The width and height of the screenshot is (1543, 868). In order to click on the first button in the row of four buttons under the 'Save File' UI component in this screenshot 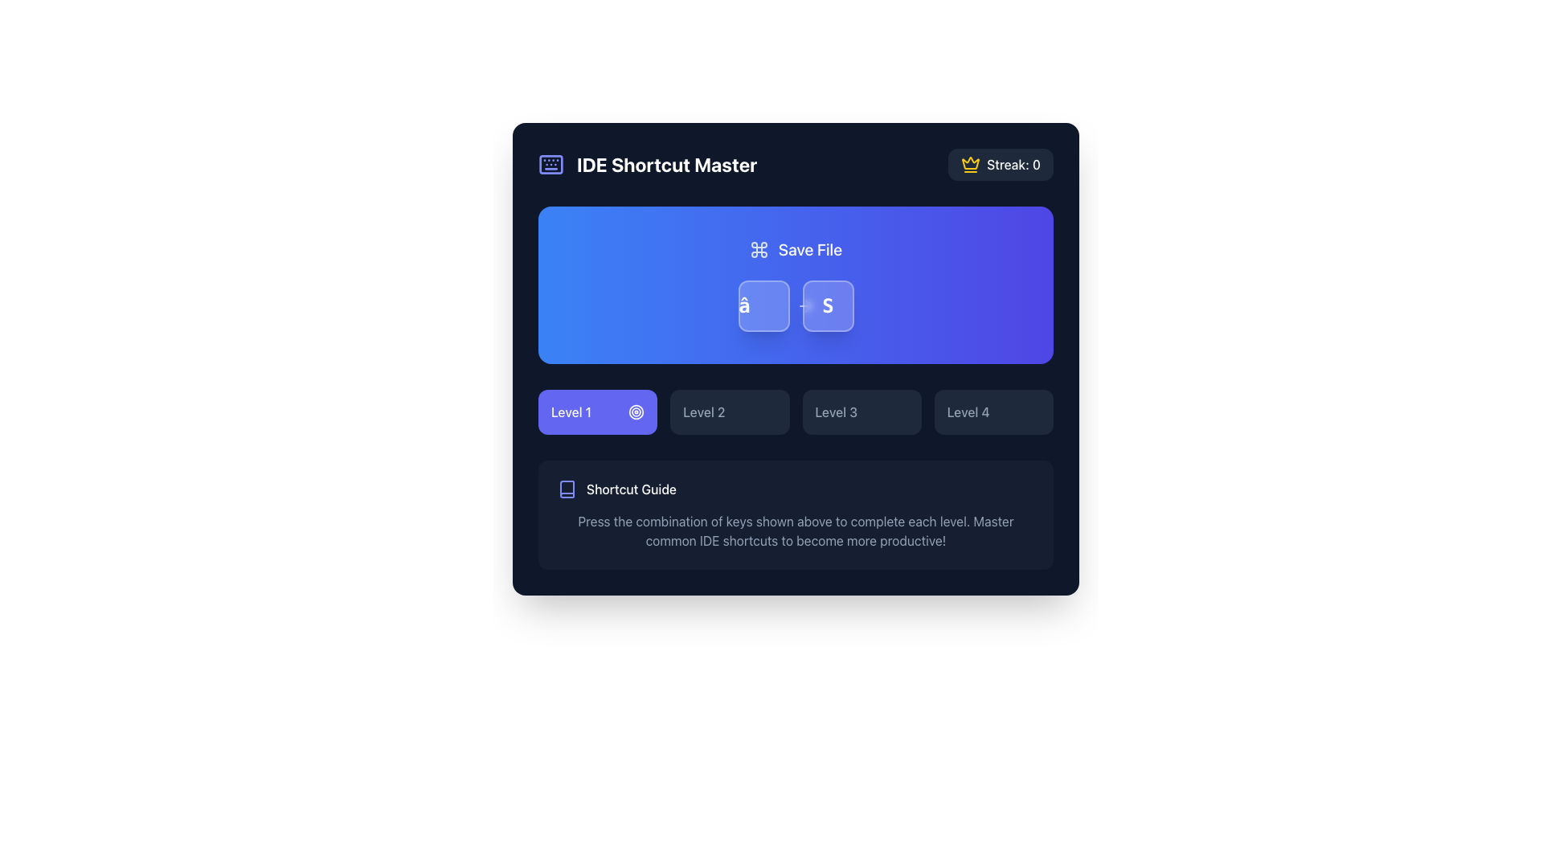, I will do `click(597, 411)`.